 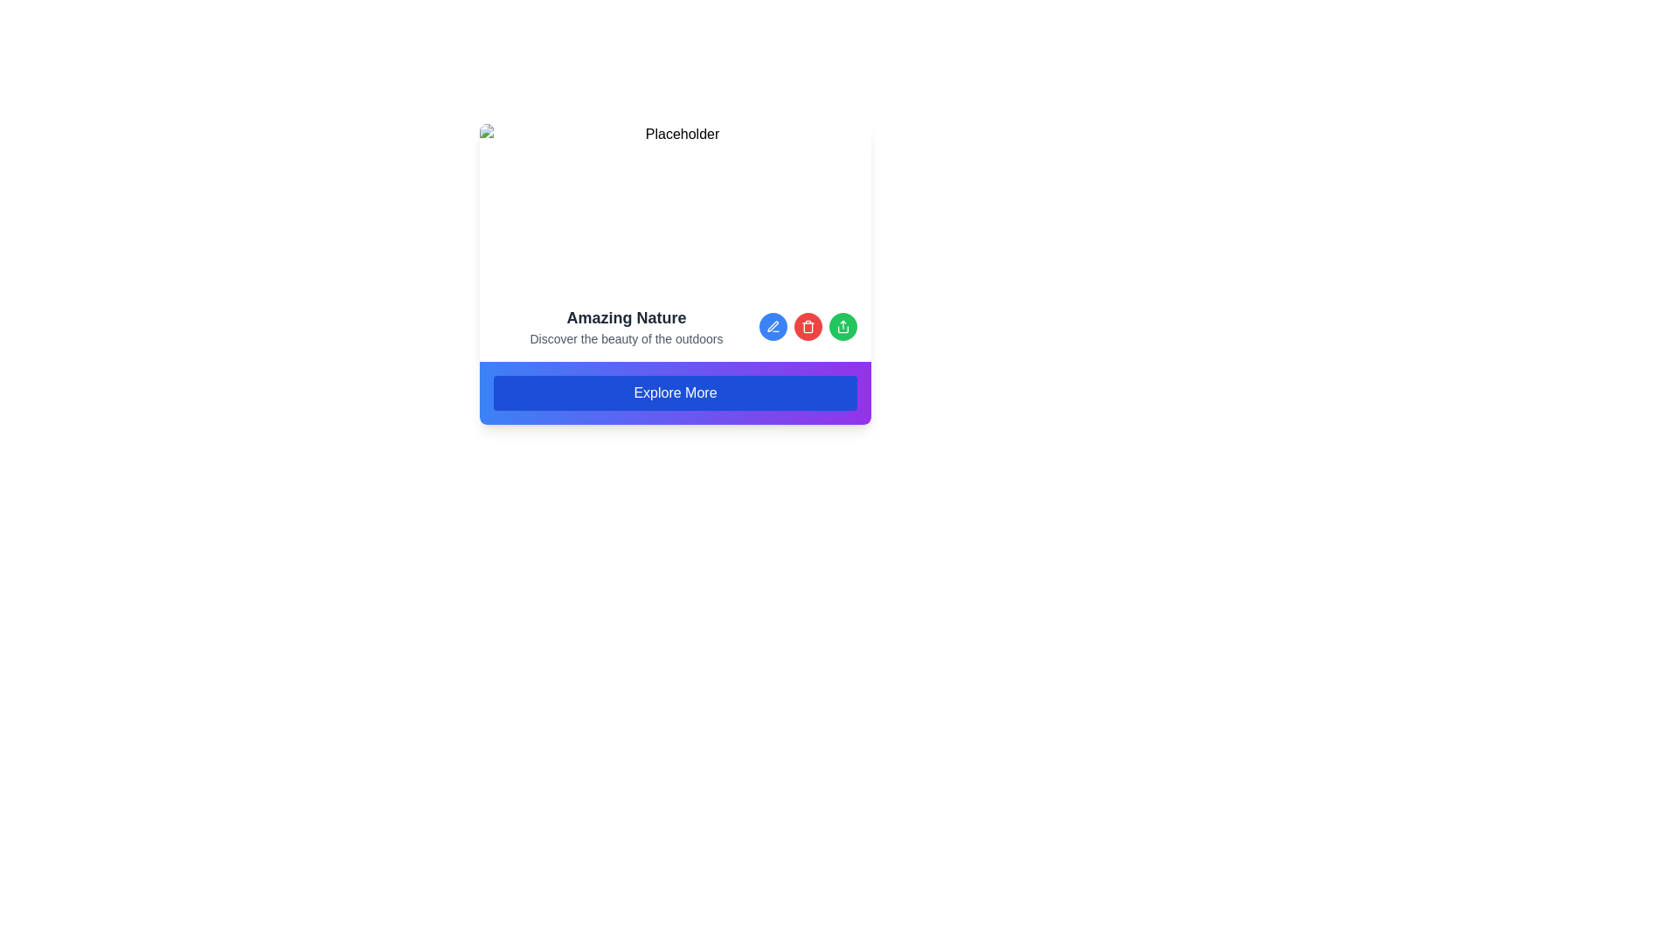 What do you see at coordinates (808, 327) in the screenshot?
I see `the red circular button with a trash can icon located between the blue pencil icon button and the green share icon button` at bounding box center [808, 327].